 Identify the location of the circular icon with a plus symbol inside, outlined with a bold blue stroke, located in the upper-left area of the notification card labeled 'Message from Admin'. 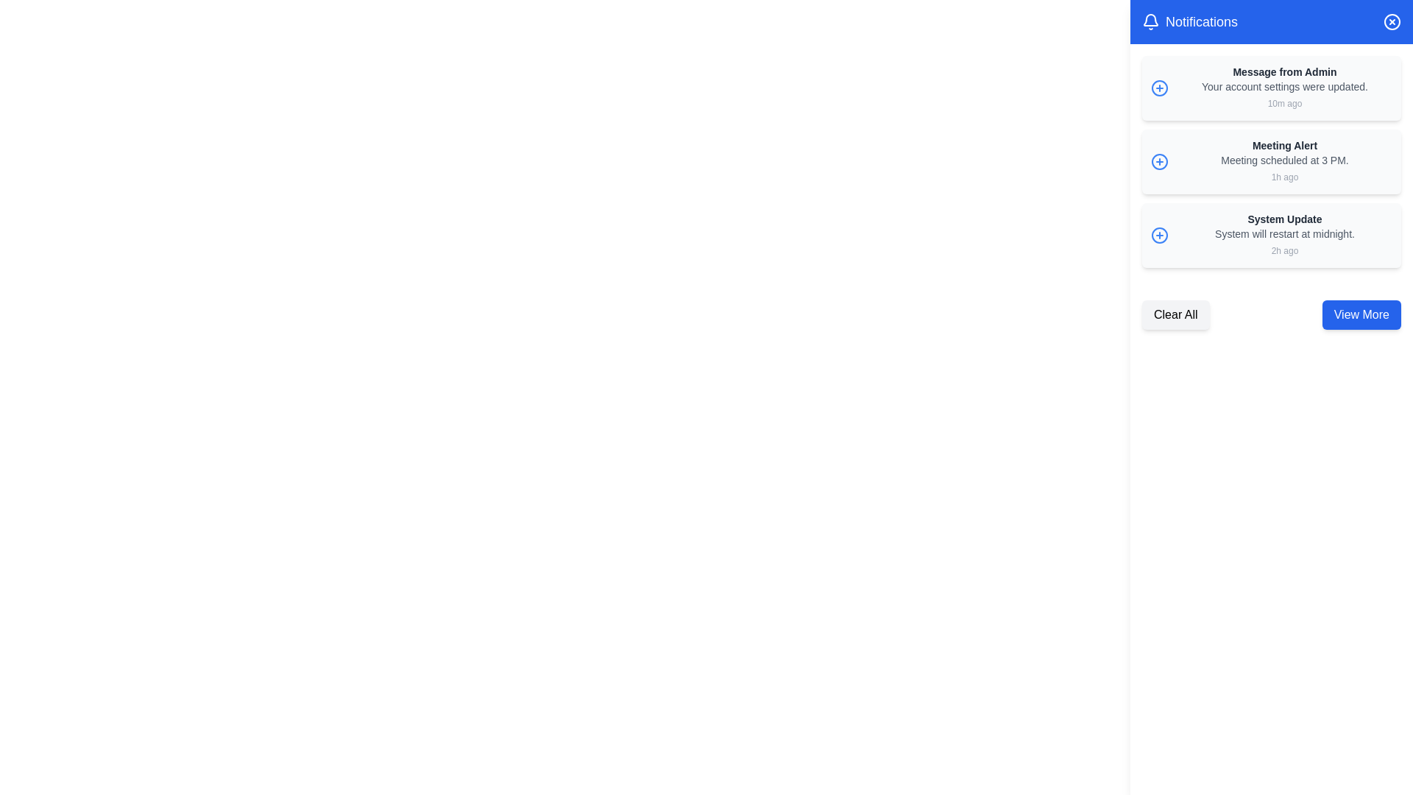
(1158, 88).